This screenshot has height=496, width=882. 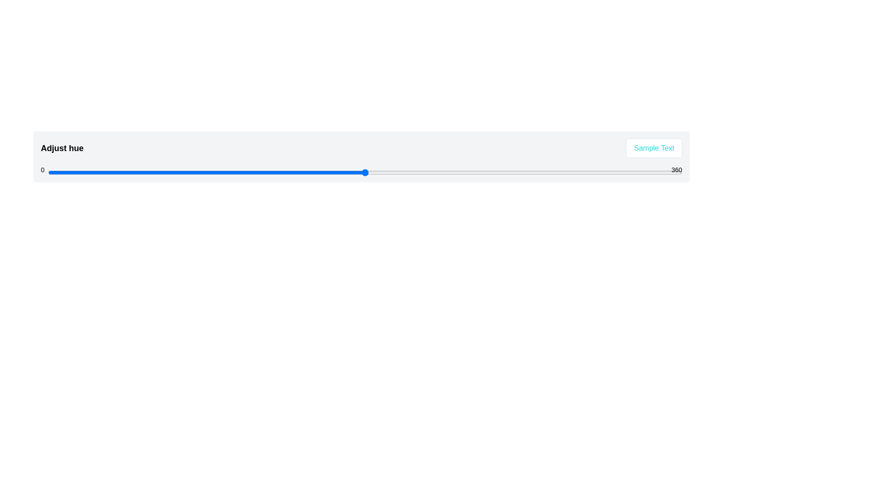 I want to click on the hue slider to set the hue value to 253, so click(x=493, y=172).